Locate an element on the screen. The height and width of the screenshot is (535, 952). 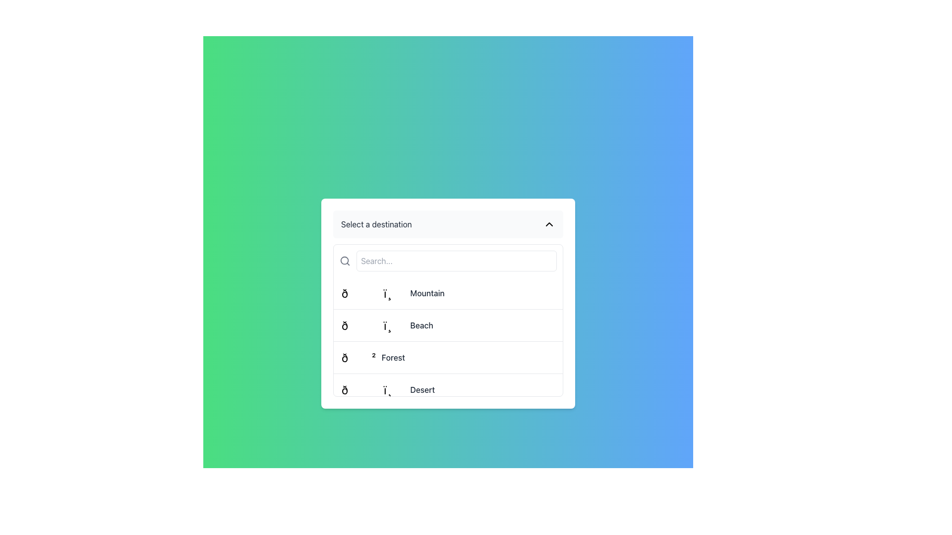
the upward-pointing chevron icon button located on the right side of the 'Select a destination' box is located at coordinates (549, 224).